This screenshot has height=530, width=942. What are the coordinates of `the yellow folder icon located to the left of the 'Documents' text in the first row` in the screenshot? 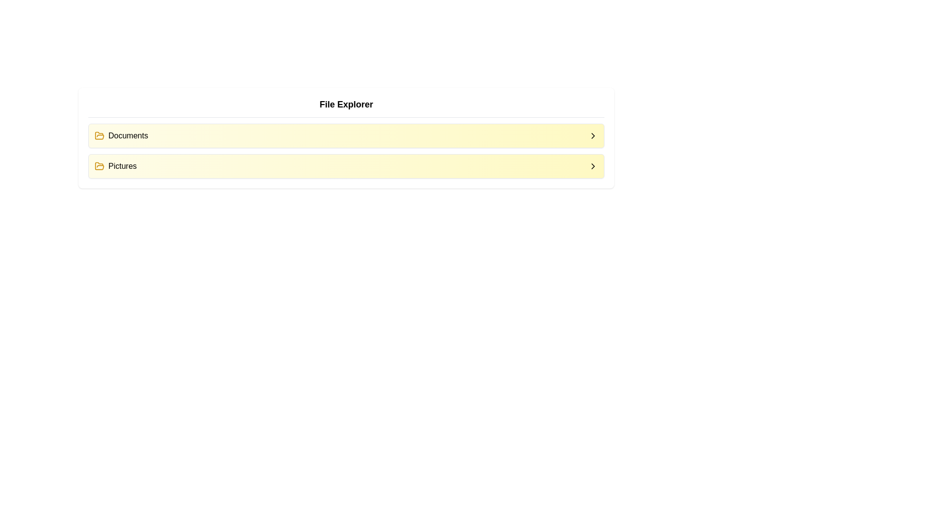 It's located at (99, 136).